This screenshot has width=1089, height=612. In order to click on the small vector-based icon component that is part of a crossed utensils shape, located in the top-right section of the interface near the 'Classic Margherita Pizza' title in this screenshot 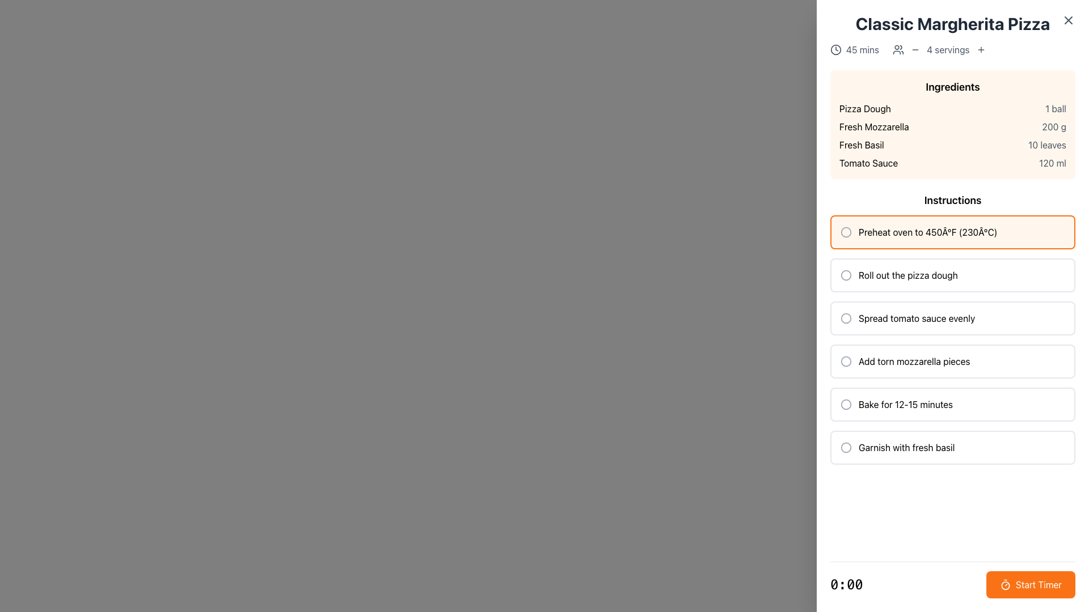, I will do `click(1069, 19)`.